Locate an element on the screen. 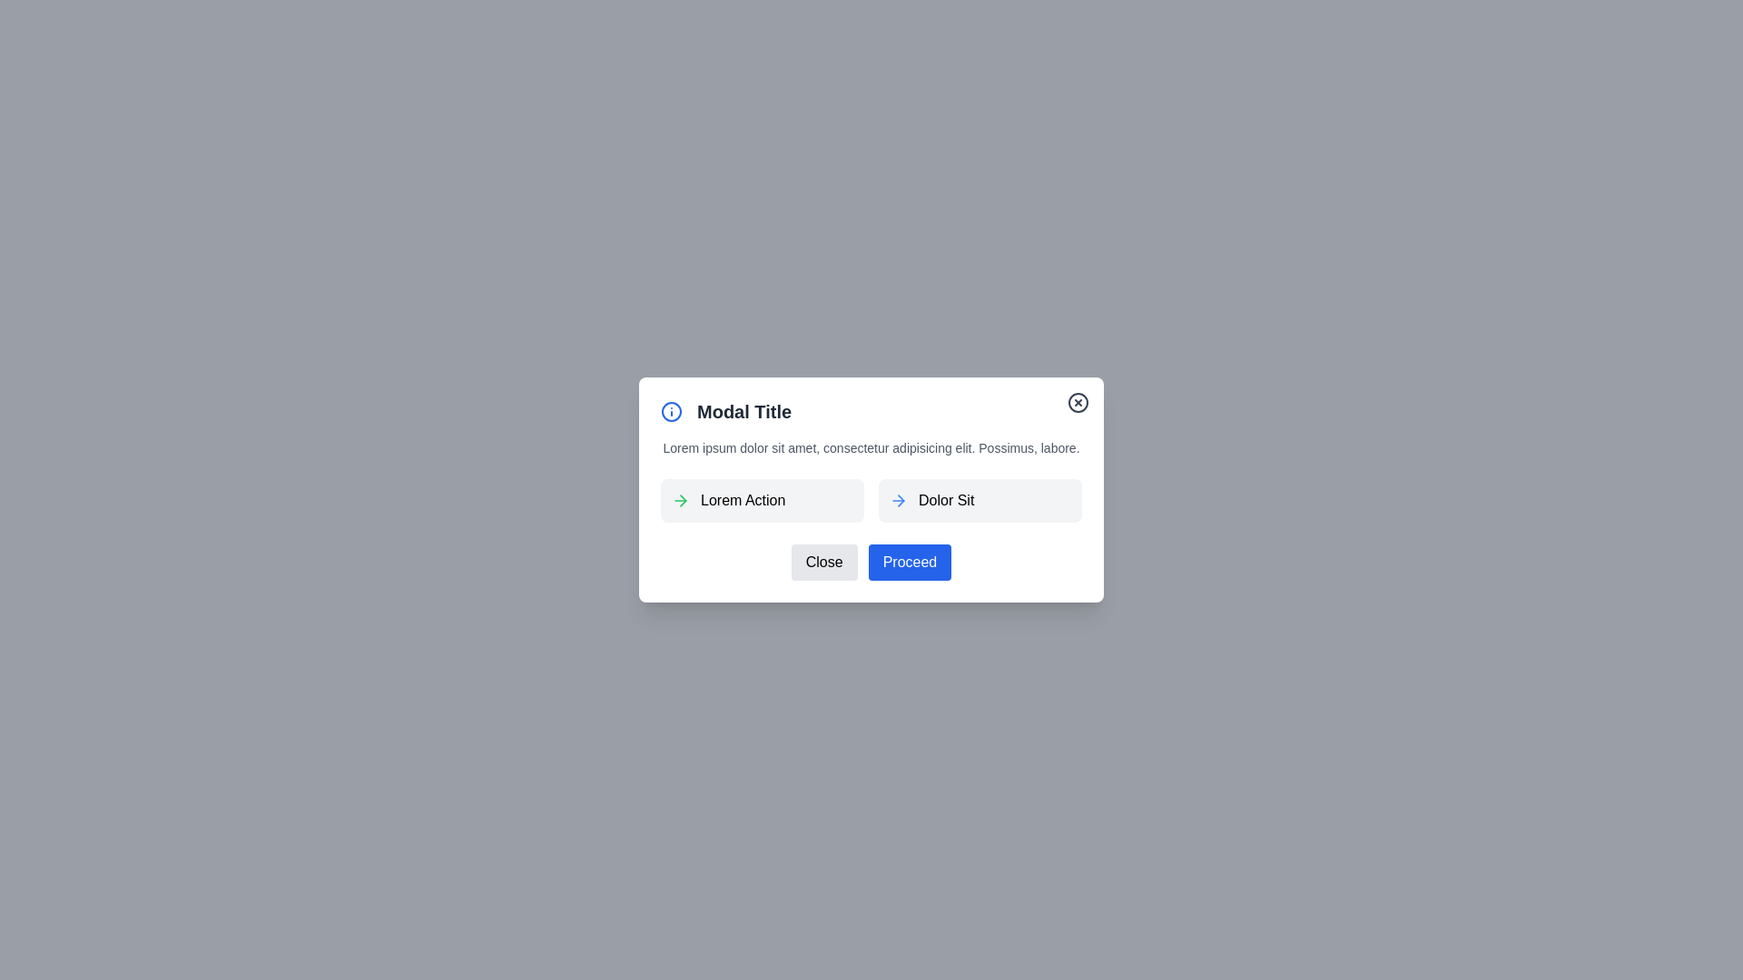 The image size is (1743, 980). the button group containing the 'Close' and 'Proceed' buttons is located at coordinates (871, 562).